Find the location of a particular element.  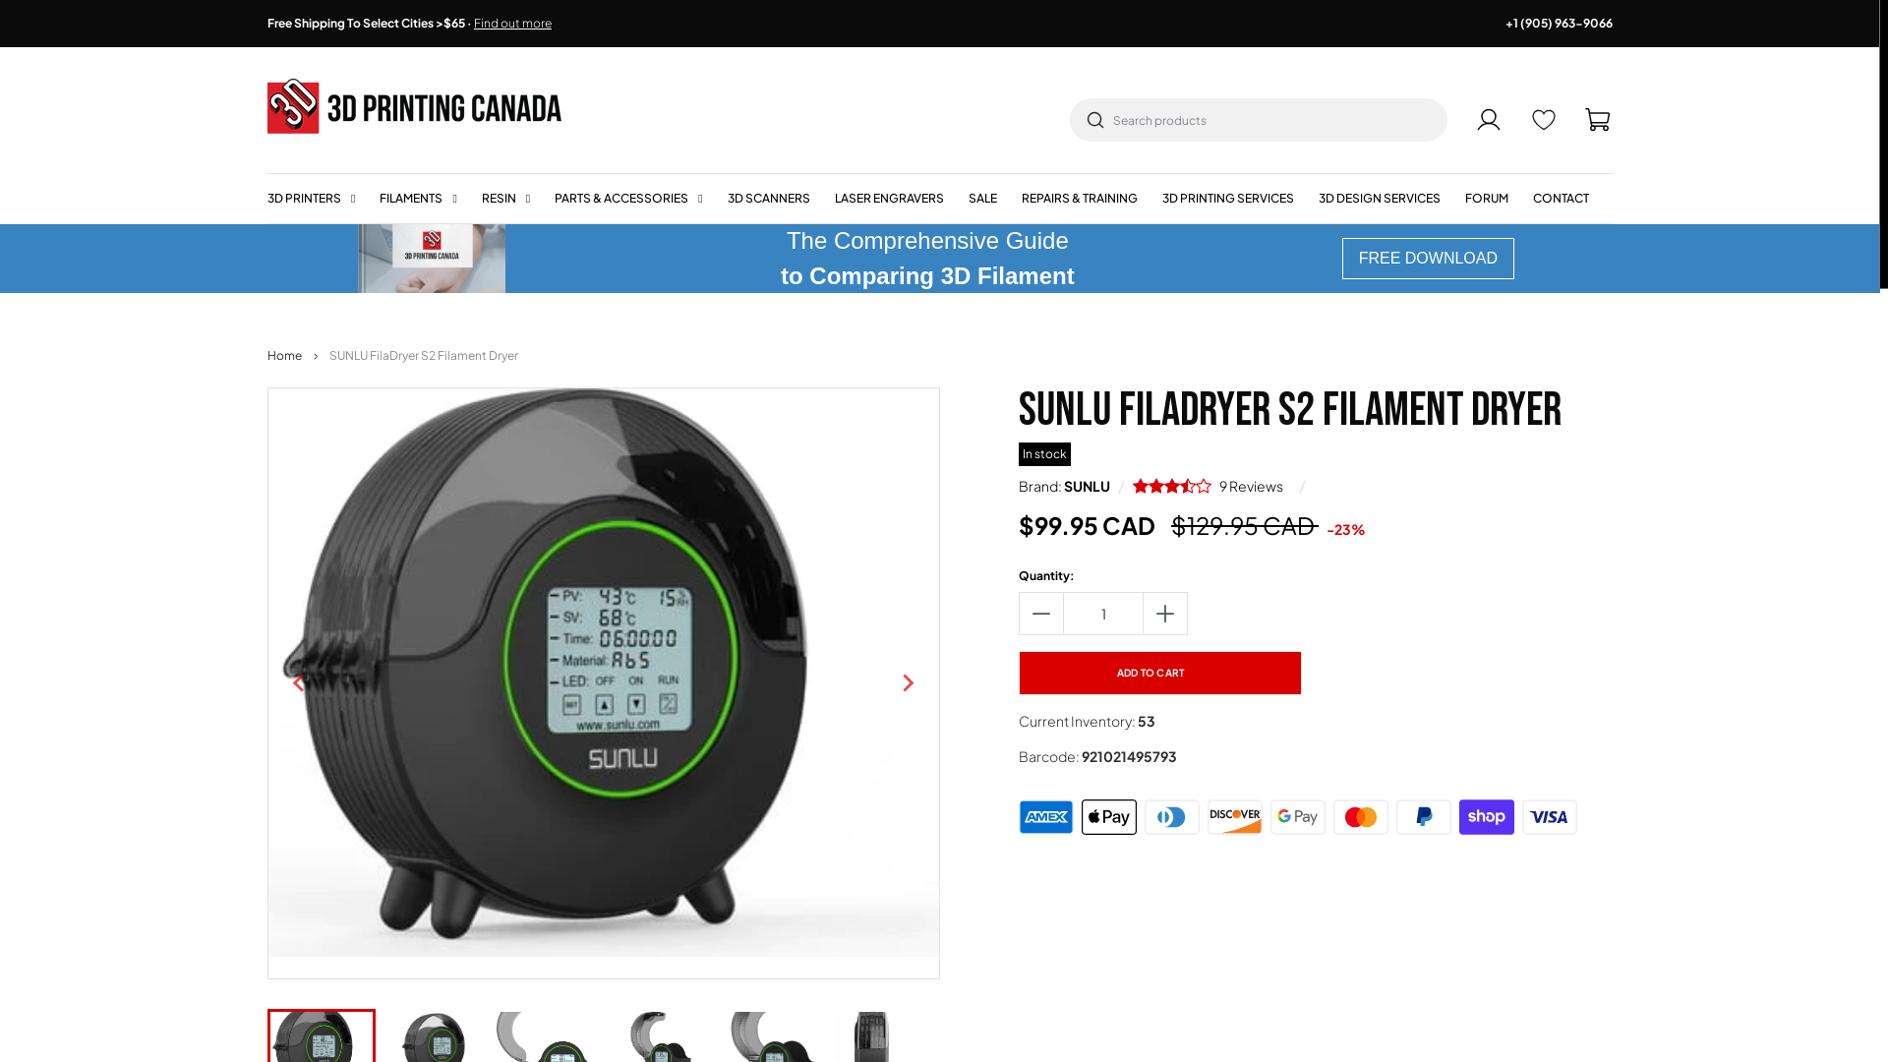

'+1 (905) 963-9066' is located at coordinates (1558, 23).